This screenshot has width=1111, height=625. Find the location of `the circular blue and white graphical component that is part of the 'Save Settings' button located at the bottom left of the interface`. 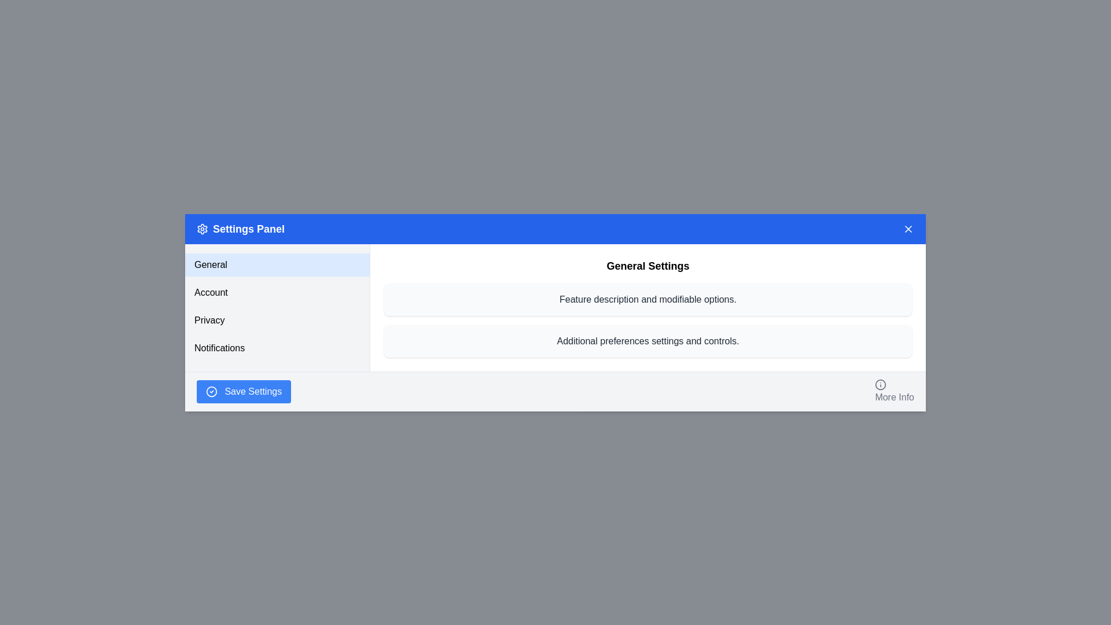

the circular blue and white graphical component that is part of the 'Save Settings' button located at the bottom left of the interface is located at coordinates (211, 391).